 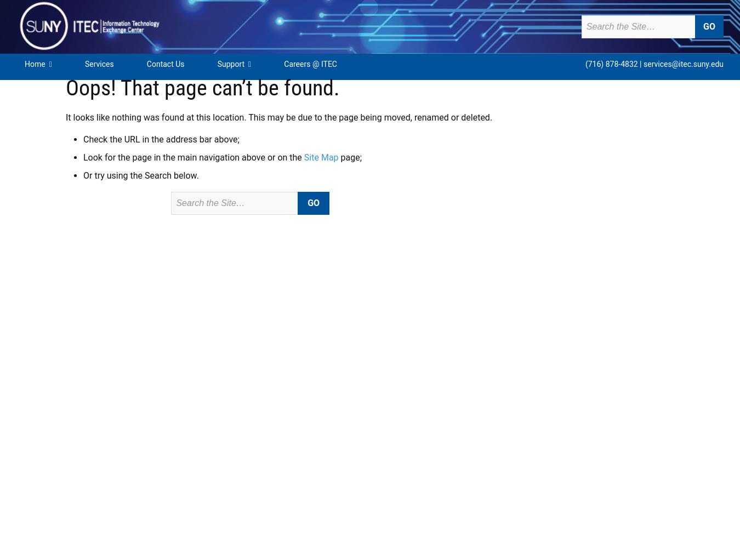 What do you see at coordinates (350, 157) in the screenshot?
I see `'page;'` at bounding box center [350, 157].